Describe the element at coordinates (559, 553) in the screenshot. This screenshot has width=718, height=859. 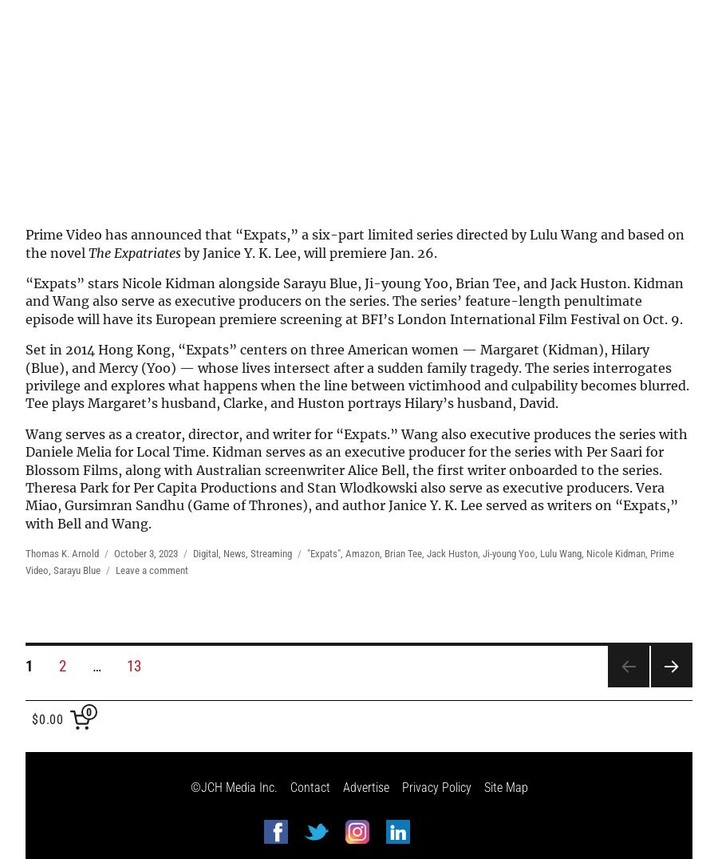
I see `'Lulu Wang'` at that location.